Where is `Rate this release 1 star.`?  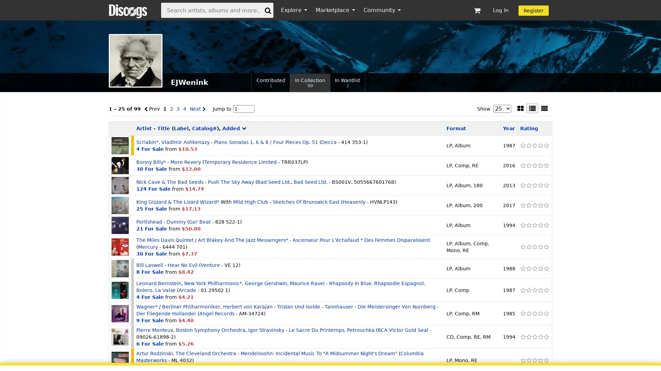
Rate this release 1 star. is located at coordinates (523, 225).